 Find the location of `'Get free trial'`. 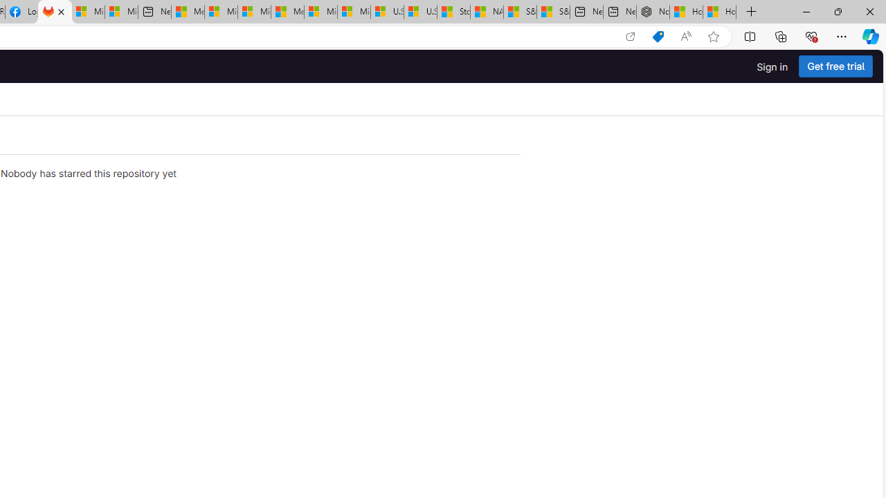

'Get free trial' is located at coordinates (835, 66).